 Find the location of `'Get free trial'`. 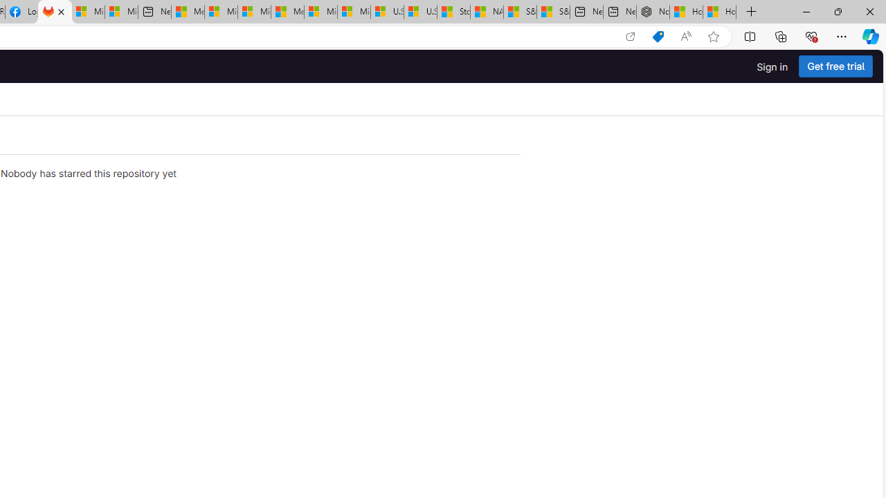

'Get free trial' is located at coordinates (835, 66).